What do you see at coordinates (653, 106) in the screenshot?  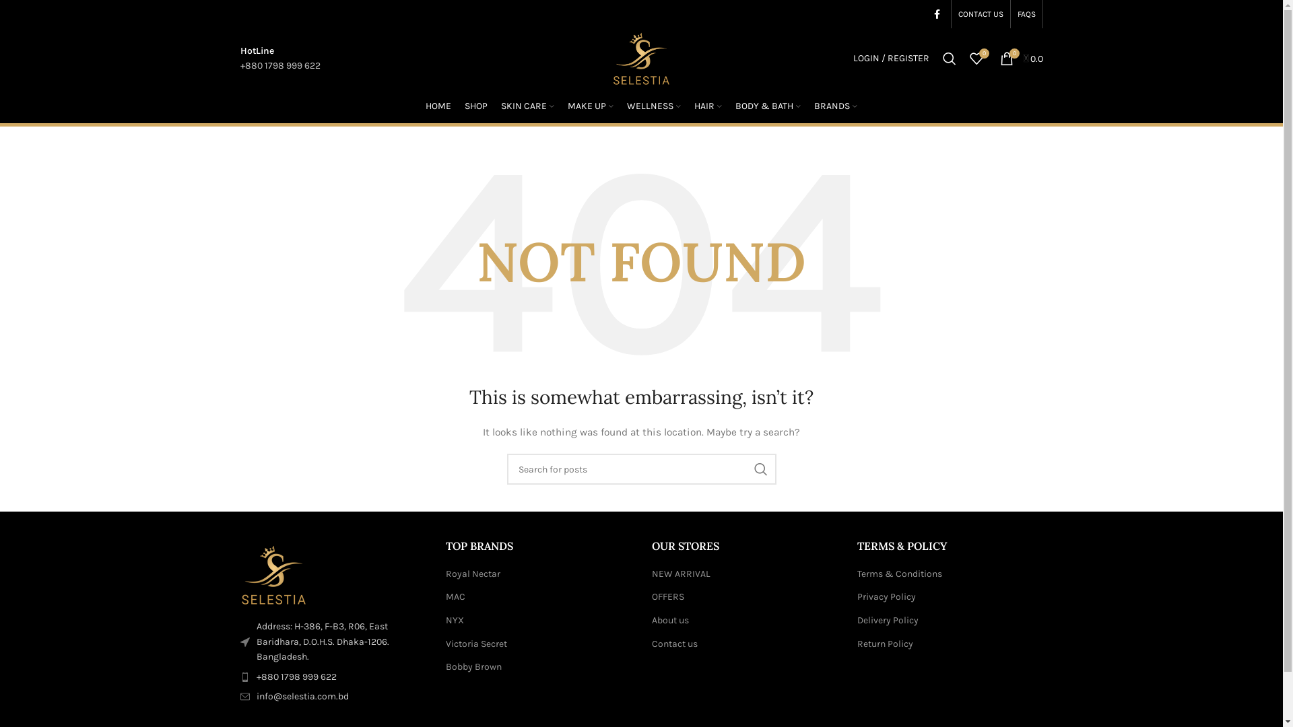 I see `'WELLNESS'` at bounding box center [653, 106].